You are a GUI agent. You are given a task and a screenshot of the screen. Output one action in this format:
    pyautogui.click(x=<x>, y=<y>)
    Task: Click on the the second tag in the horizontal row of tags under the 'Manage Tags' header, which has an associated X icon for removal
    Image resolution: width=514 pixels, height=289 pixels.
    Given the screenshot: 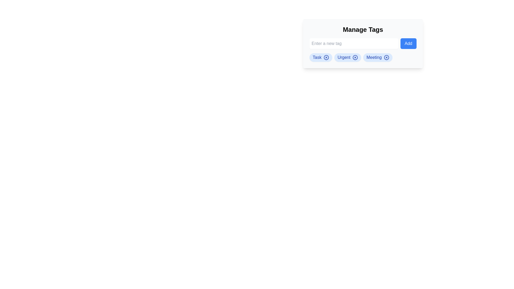 What is the action you would take?
    pyautogui.click(x=347, y=58)
    